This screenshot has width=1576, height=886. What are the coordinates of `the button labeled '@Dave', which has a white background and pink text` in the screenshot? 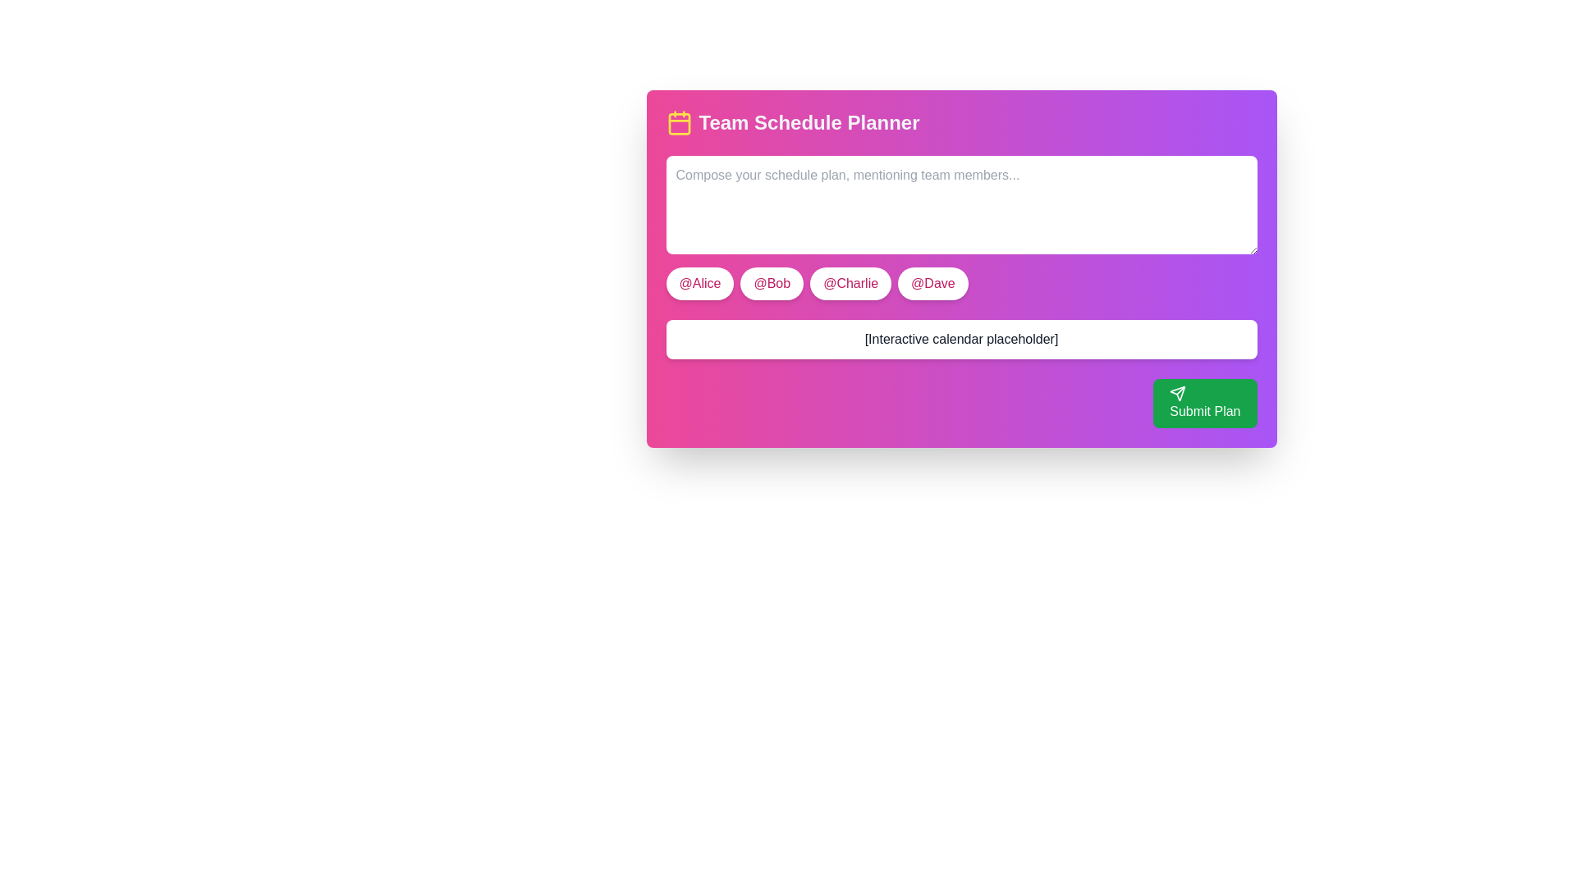 It's located at (932, 283).